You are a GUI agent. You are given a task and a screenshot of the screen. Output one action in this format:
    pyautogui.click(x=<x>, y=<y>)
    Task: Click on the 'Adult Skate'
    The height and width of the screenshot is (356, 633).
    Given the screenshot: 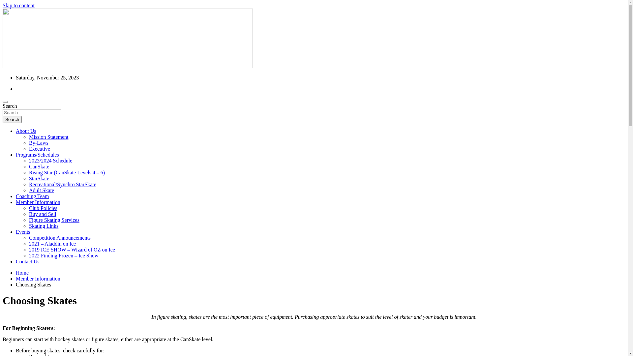 What is the action you would take?
    pyautogui.click(x=28, y=190)
    